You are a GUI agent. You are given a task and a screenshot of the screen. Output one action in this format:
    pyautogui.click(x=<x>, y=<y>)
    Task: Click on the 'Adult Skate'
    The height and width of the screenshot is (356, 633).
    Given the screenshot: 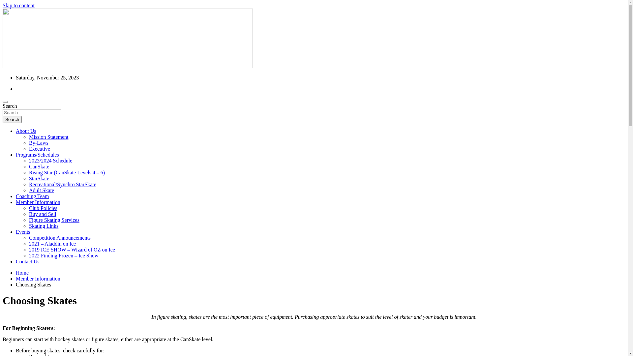 What is the action you would take?
    pyautogui.click(x=28, y=190)
    